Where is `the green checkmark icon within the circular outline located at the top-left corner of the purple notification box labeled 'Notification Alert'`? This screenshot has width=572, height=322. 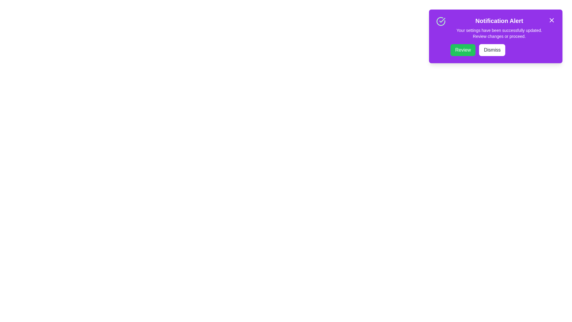 the green checkmark icon within the circular outline located at the top-left corner of the purple notification box labeled 'Notification Alert' is located at coordinates (441, 21).